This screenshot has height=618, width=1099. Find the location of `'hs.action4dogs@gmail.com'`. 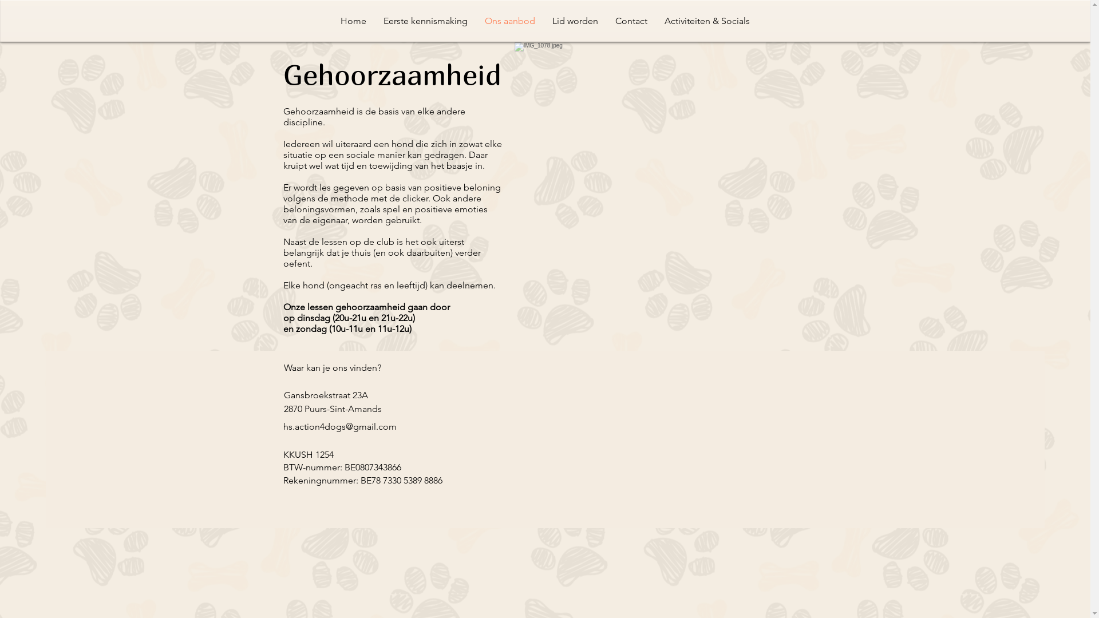

'hs.action4dogs@gmail.com' is located at coordinates (339, 426).